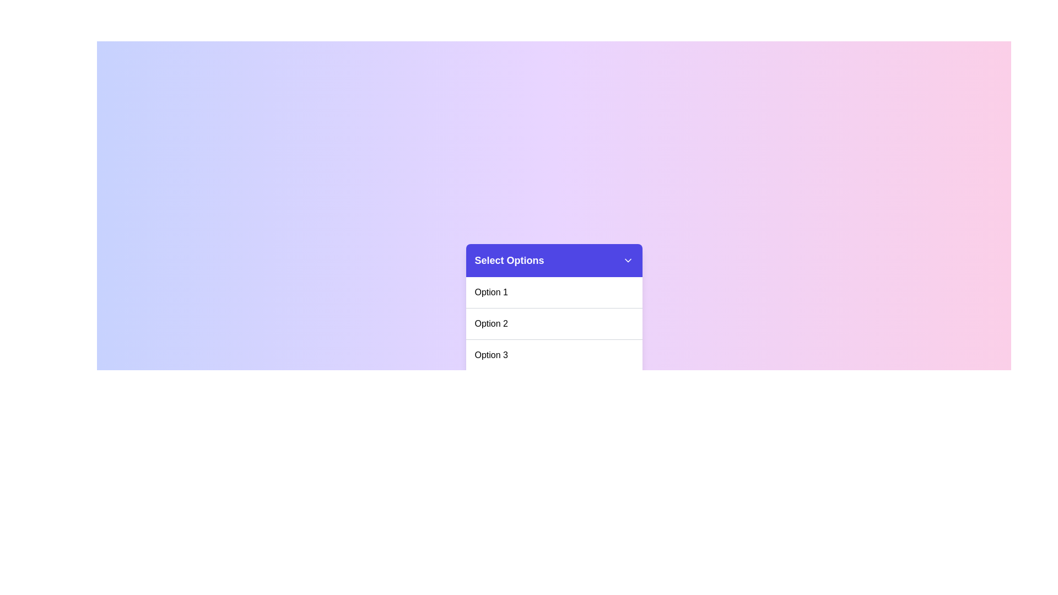 The height and width of the screenshot is (595, 1058). What do you see at coordinates (554, 292) in the screenshot?
I see `the first item in the dropdown menu labeled 'Option 1'` at bounding box center [554, 292].